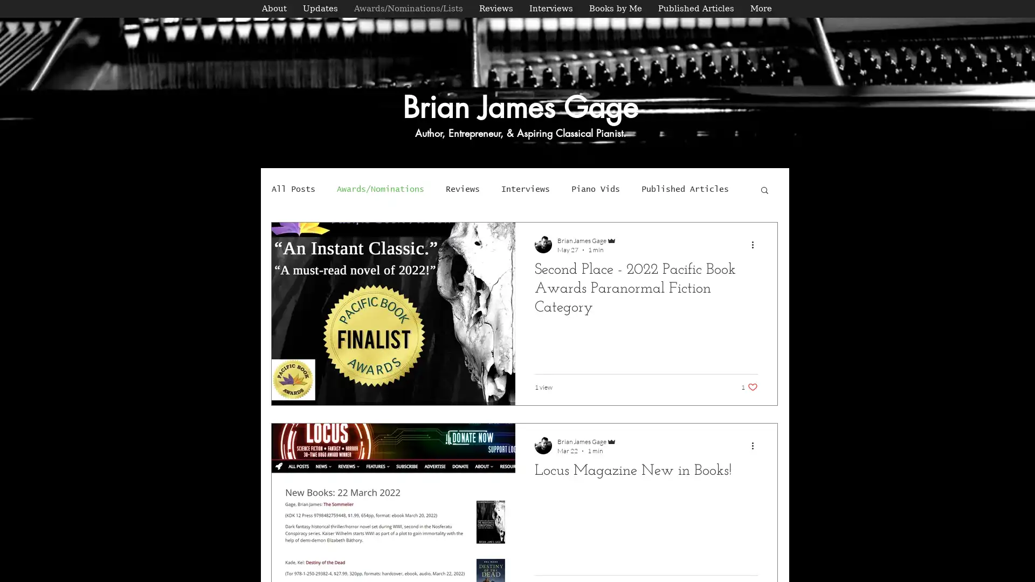 The width and height of the screenshot is (1035, 582). I want to click on More actions, so click(755, 445).